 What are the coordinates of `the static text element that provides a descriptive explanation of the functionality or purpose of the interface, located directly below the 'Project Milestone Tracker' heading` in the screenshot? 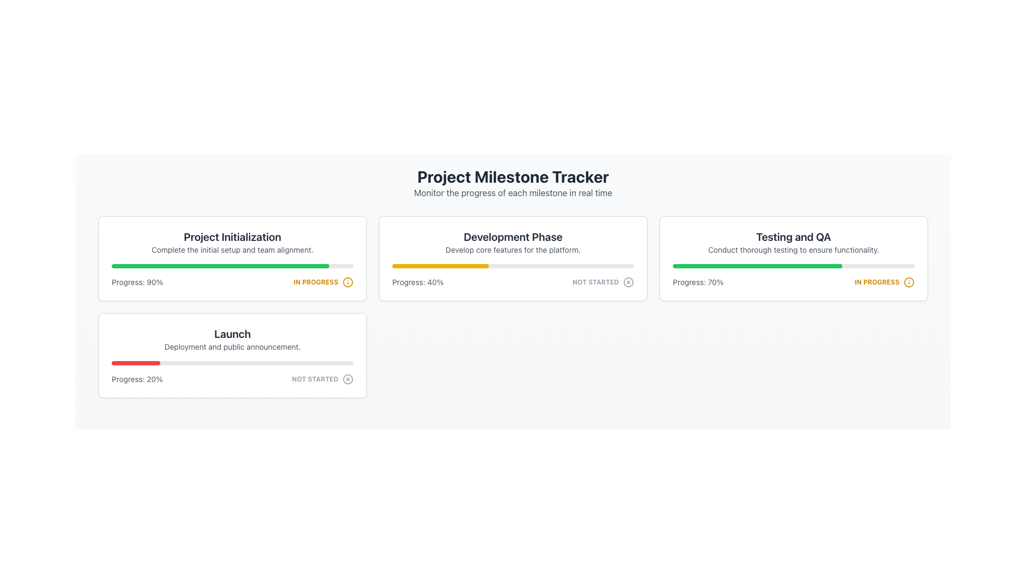 It's located at (512, 192).